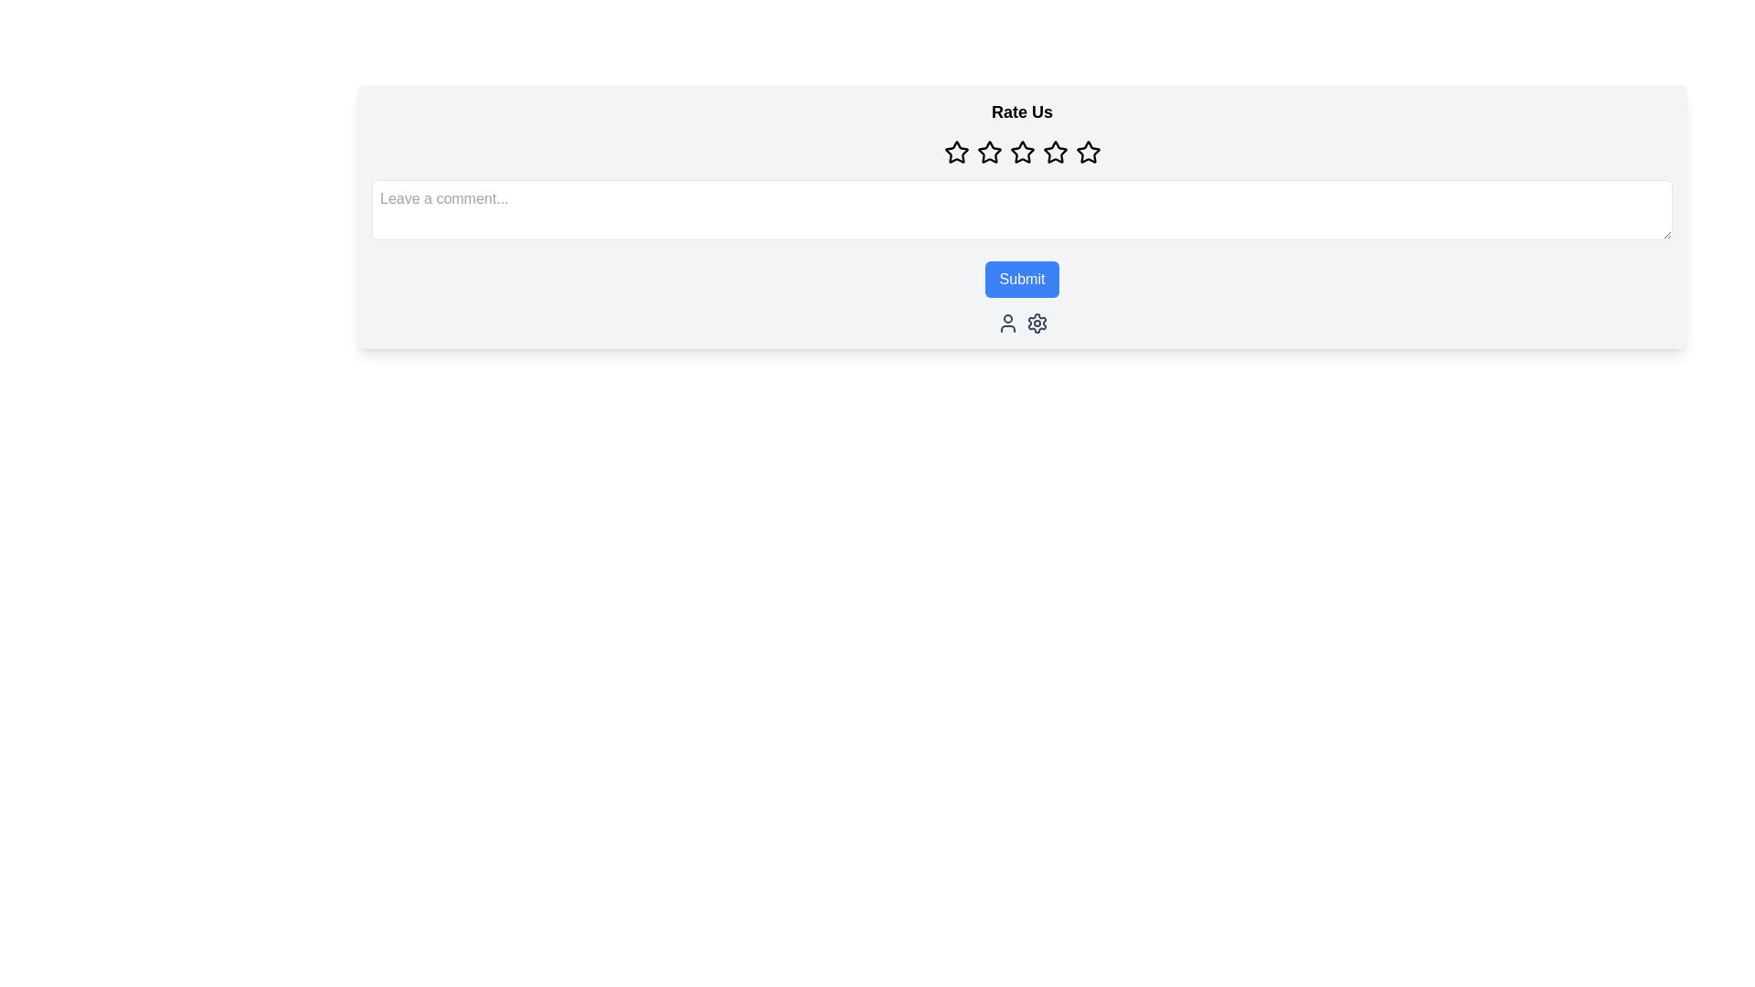  What do you see at coordinates (1037, 323) in the screenshot?
I see `the second icon button located below the 'Submit' button, which is used for opening or modifying settings or preferences in the application` at bounding box center [1037, 323].